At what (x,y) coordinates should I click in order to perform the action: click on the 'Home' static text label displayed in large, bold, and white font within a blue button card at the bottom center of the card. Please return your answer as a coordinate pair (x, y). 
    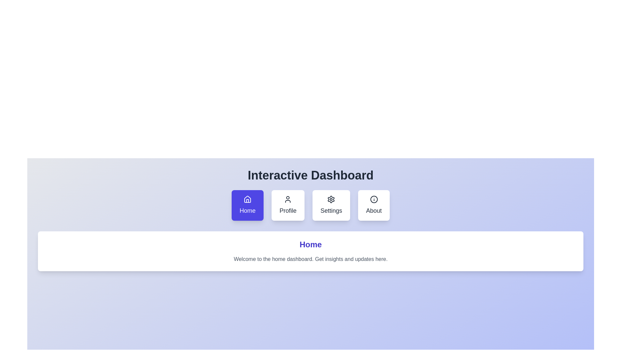
    Looking at the image, I should click on (247, 210).